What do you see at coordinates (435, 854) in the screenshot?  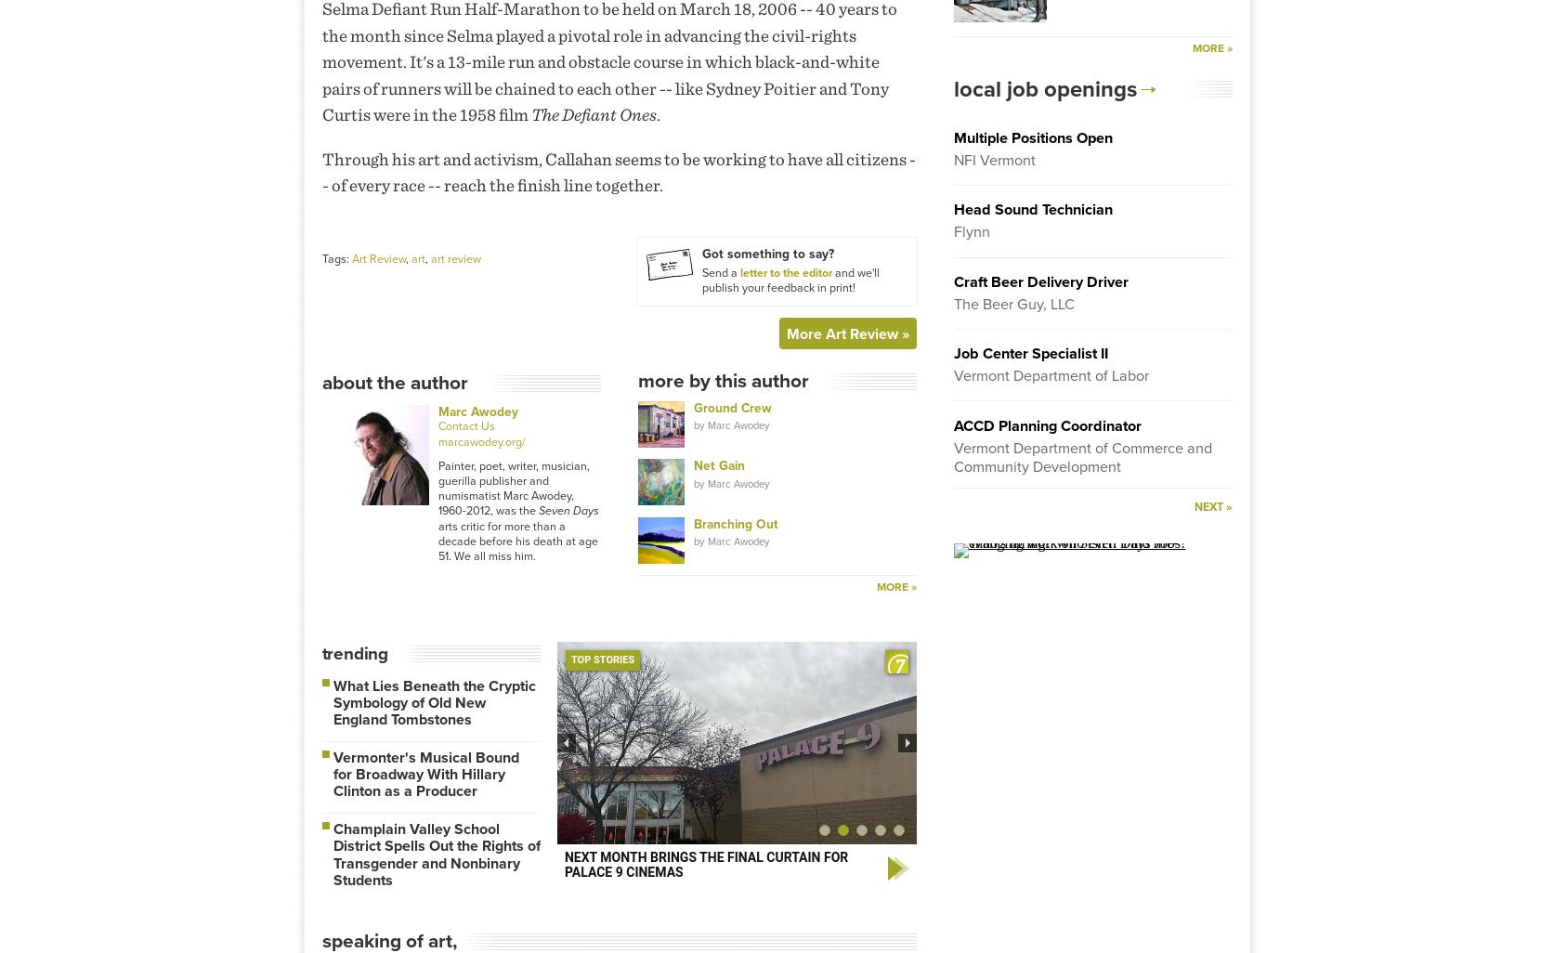 I see `'Champlain Valley School District Spells Out the Rights of Transgender and Nonbinary Students'` at bounding box center [435, 854].